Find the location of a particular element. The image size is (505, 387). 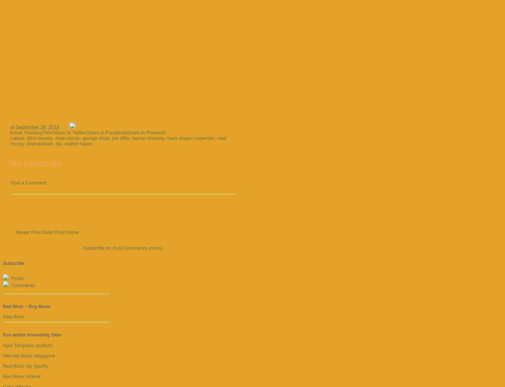

'Red River' is located at coordinates (13, 317).